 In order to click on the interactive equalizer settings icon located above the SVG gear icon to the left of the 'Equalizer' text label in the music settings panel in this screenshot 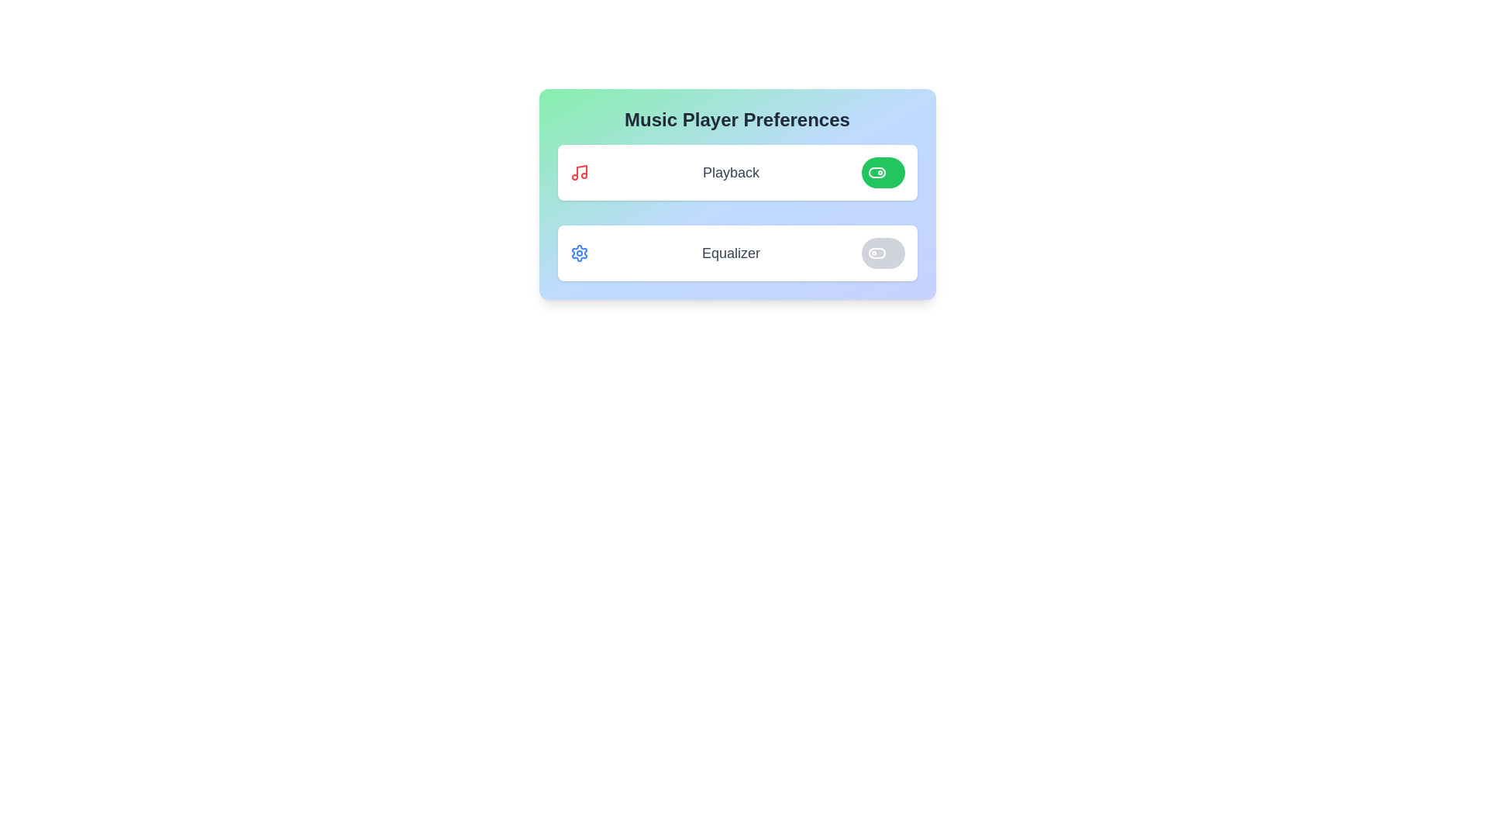, I will do `click(578, 253)`.